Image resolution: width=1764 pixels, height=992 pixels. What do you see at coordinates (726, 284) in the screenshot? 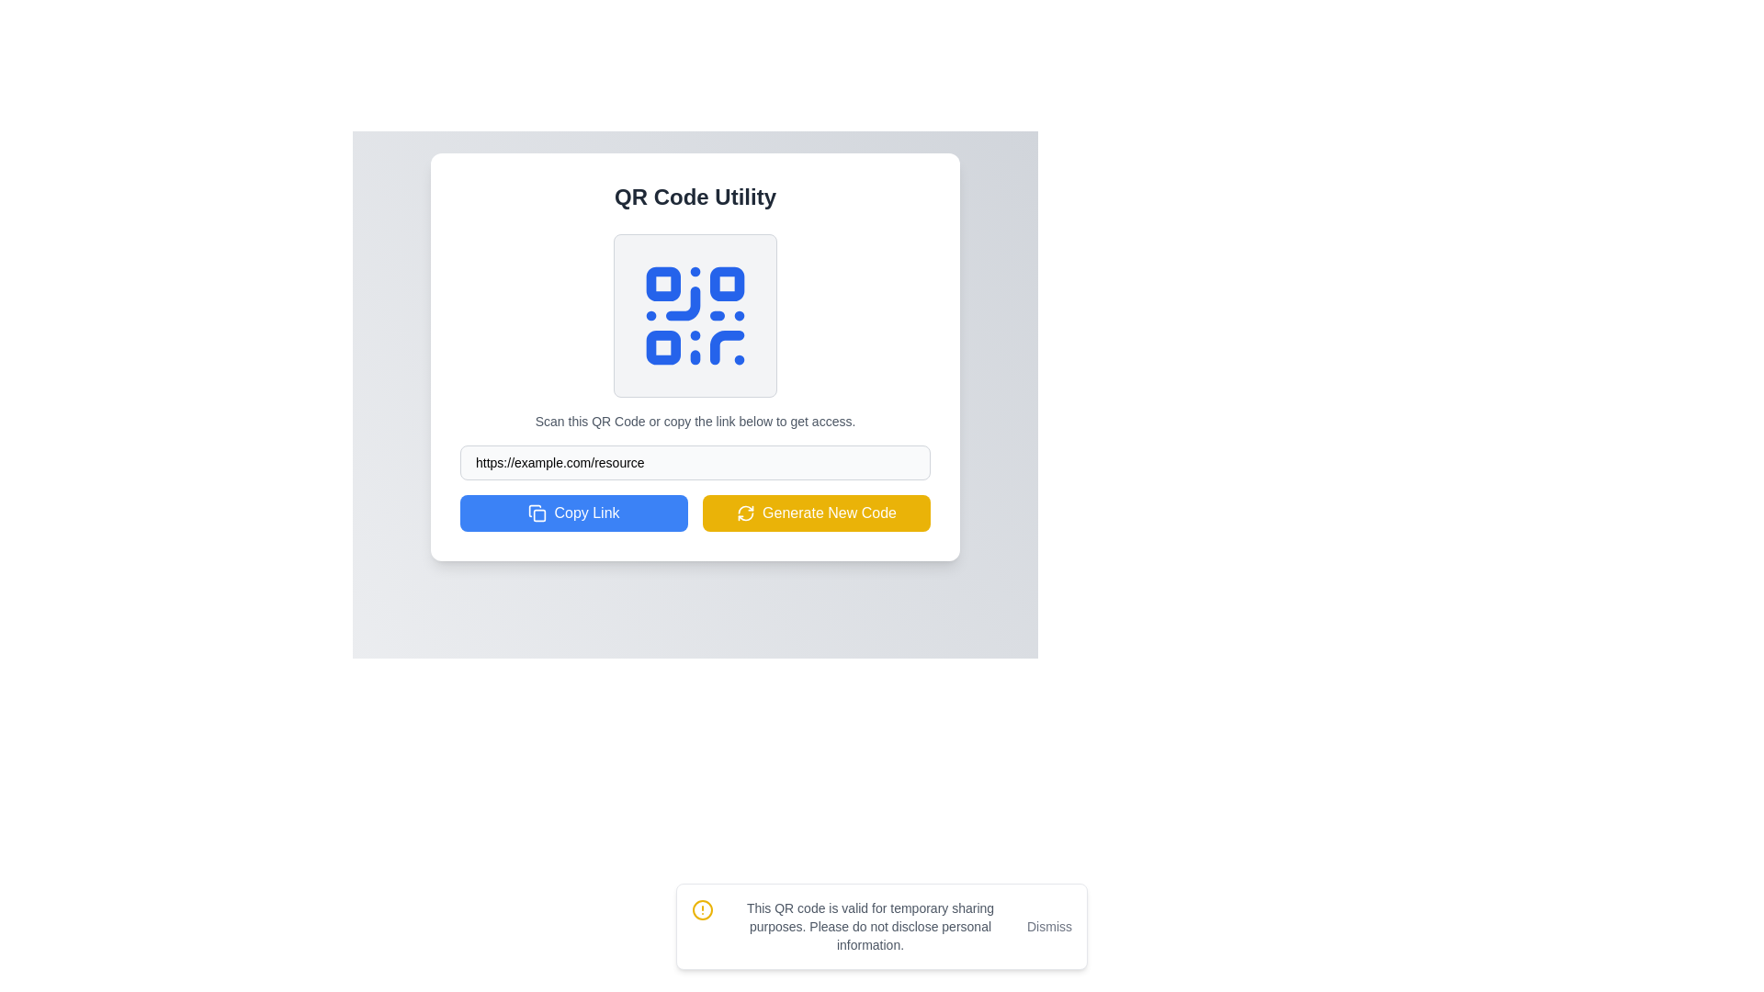
I see `the blue square with rounded corners located in the top-right corner of the QR code structure, which is the second of three similarly sized squares` at bounding box center [726, 284].